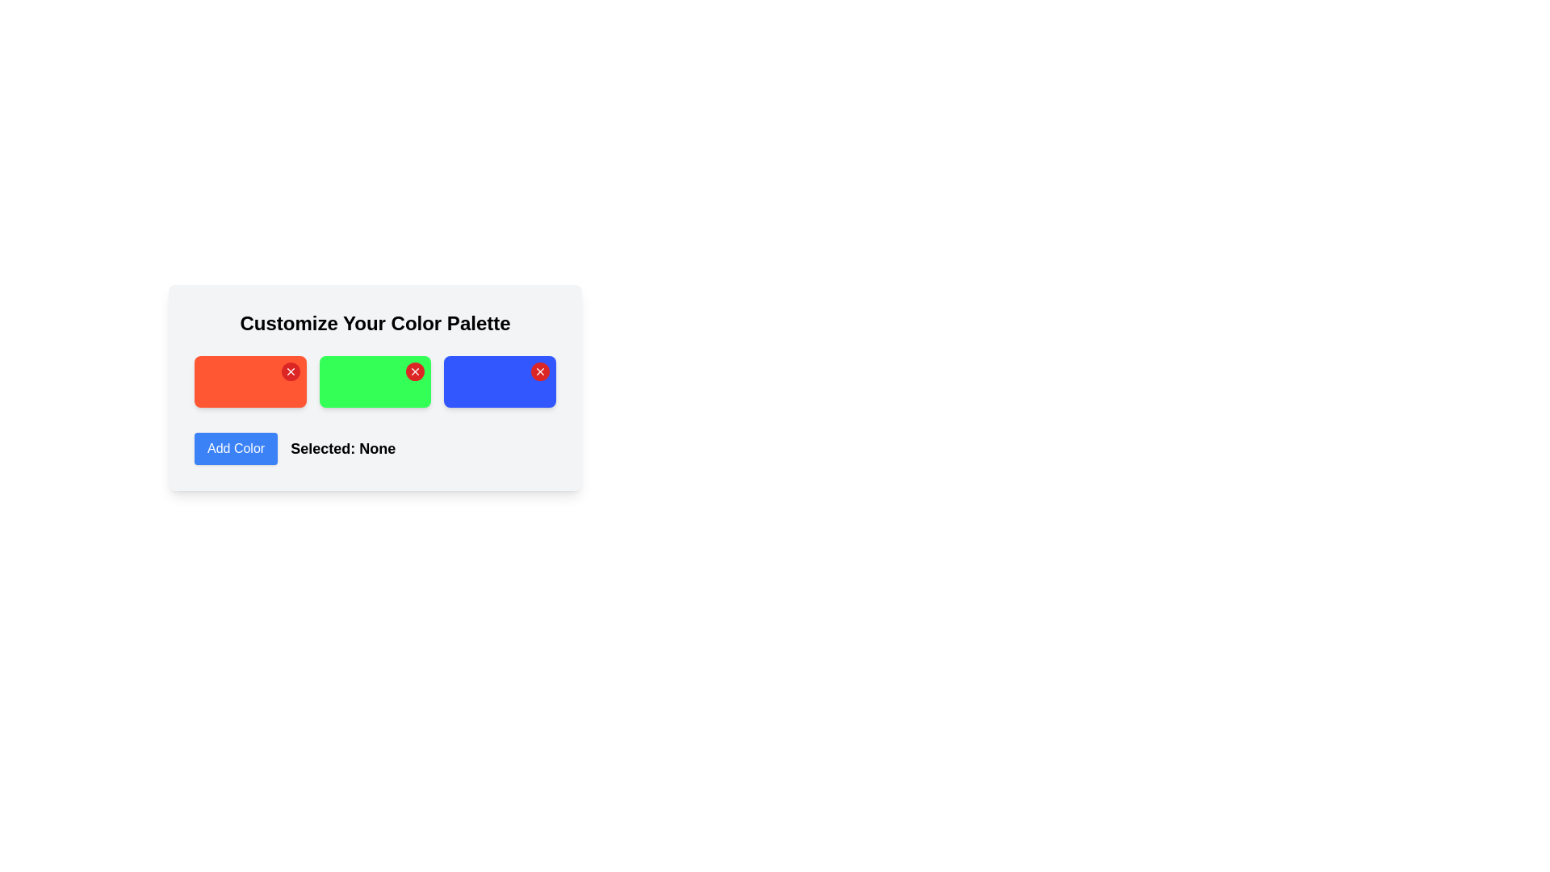 Image resolution: width=1550 pixels, height=872 pixels. I want to click on the text labeled 'Selected: None' which is bold and slightly larger, positioned within a light gray background to the right of the 'Add Color' button, so click(342, 448).